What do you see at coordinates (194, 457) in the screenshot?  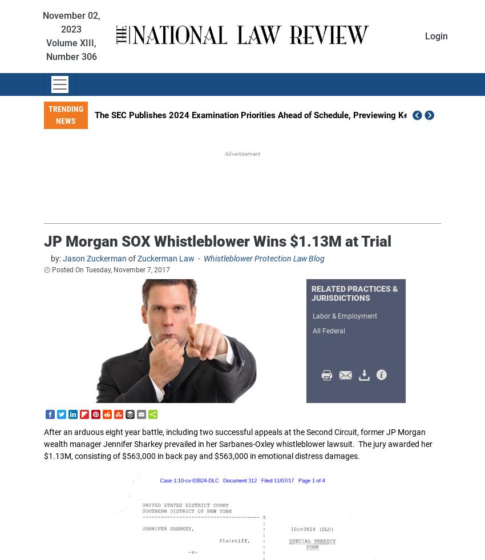 I see `'Cybersecurity Media & FCC'` at bounding box center [194, 457].